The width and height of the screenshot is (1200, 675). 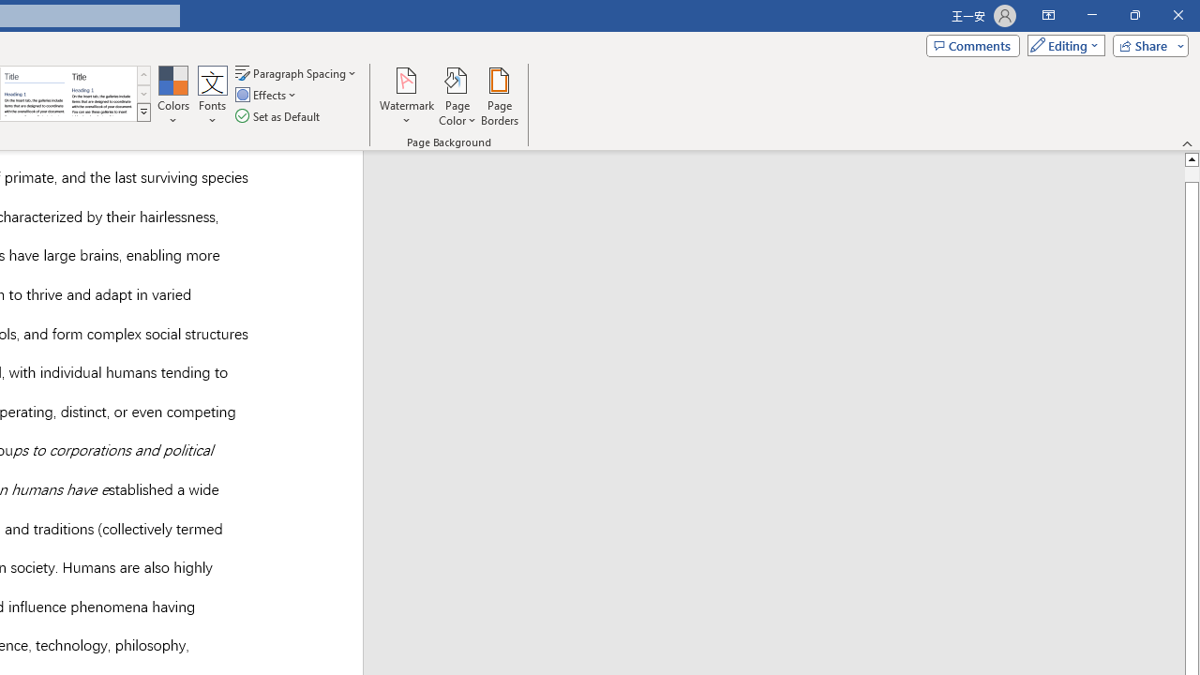 I want to click on 'Word 2010', so click(x=35, y=94).